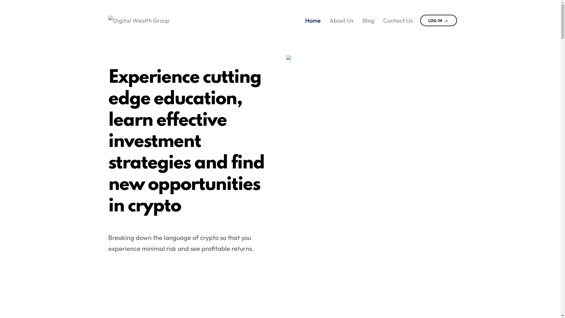 Image resolution: width=565 pixels, height=318 pixels. What do you see at coordinates (368, 20) in the screenshot?
I see `'Blog'` at bounding box center [368, 20].